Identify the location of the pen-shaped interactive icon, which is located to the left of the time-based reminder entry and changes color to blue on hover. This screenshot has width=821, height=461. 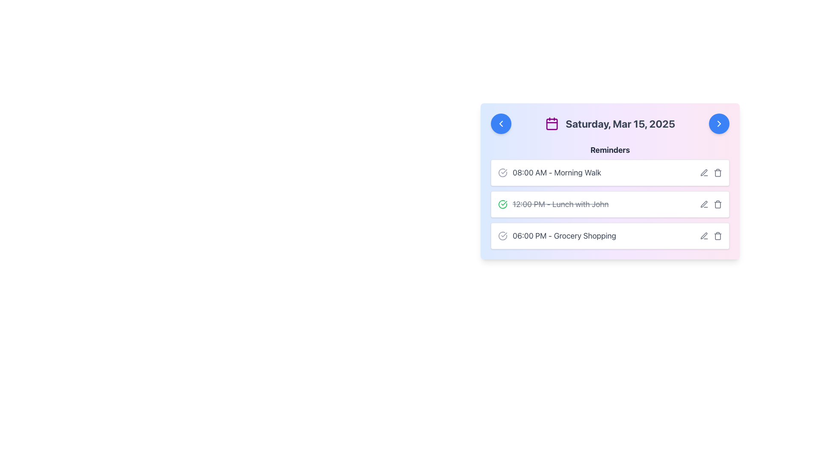
(704, 204).